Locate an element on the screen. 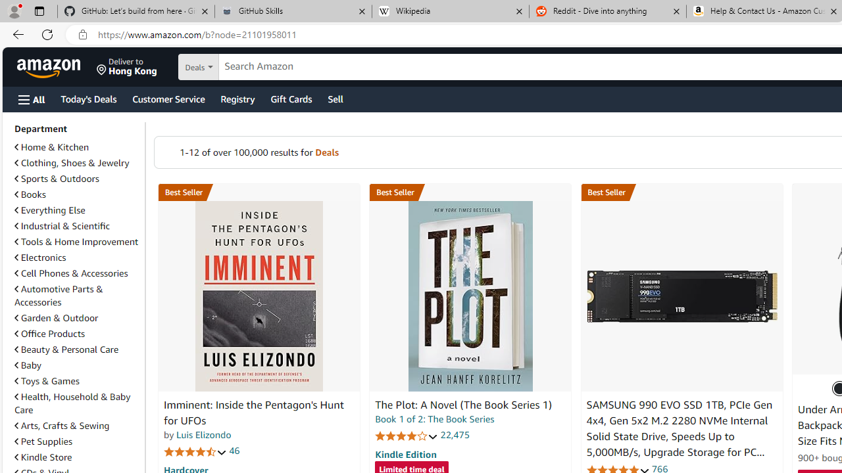 The image size is (842, 473). 'Electronics' is located at coordinates (76, 258).